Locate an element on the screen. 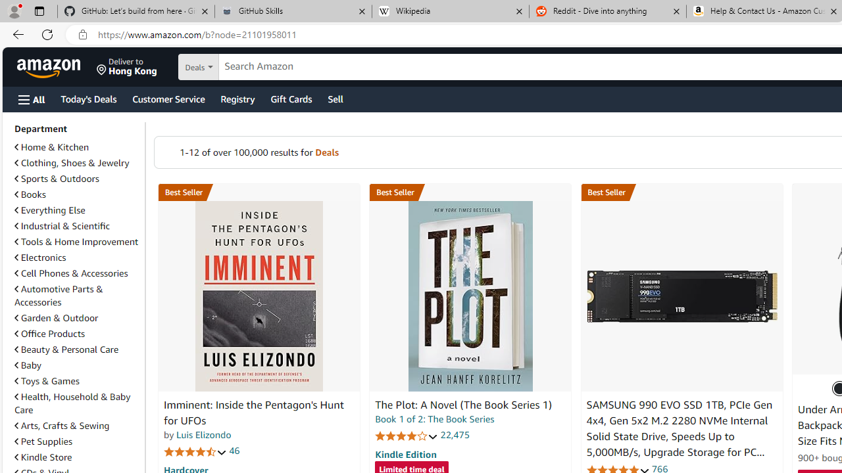 The image size is (842, 473). 'Electronics' is located at coordinates (76, 258).